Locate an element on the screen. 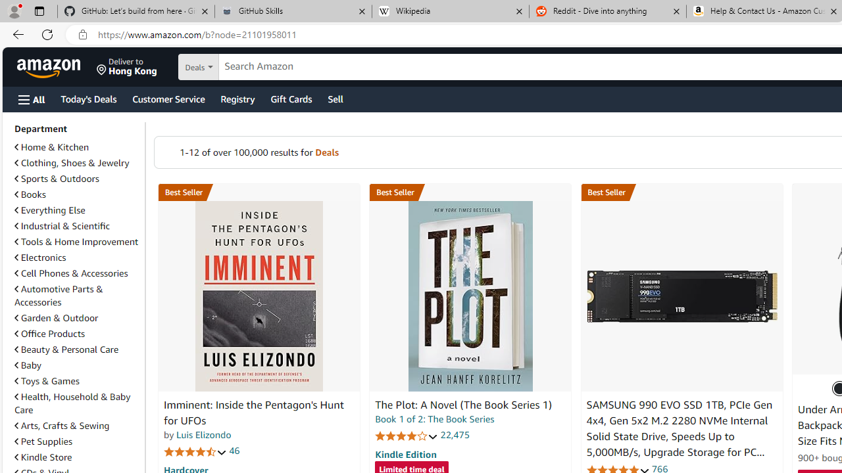 The image size is (842, 473). 'Electronics' is located at coordinates (76, 258).